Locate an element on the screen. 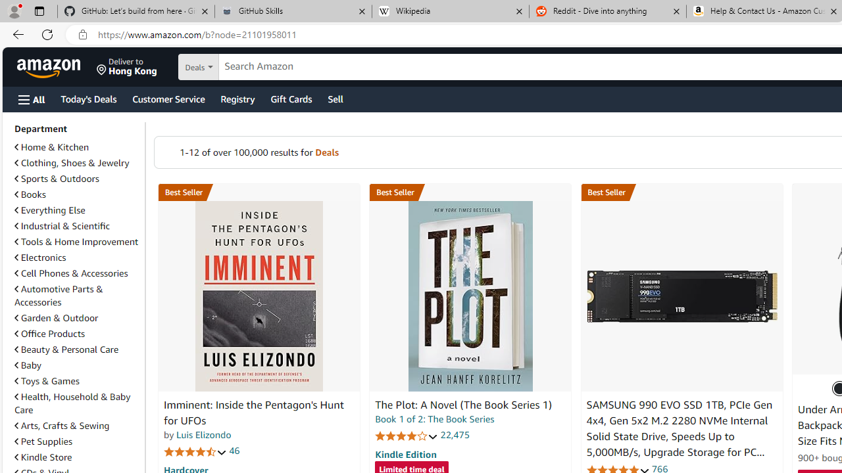 The image size is (842, 473). 'Electronics' is located at coordinates (76, 258).